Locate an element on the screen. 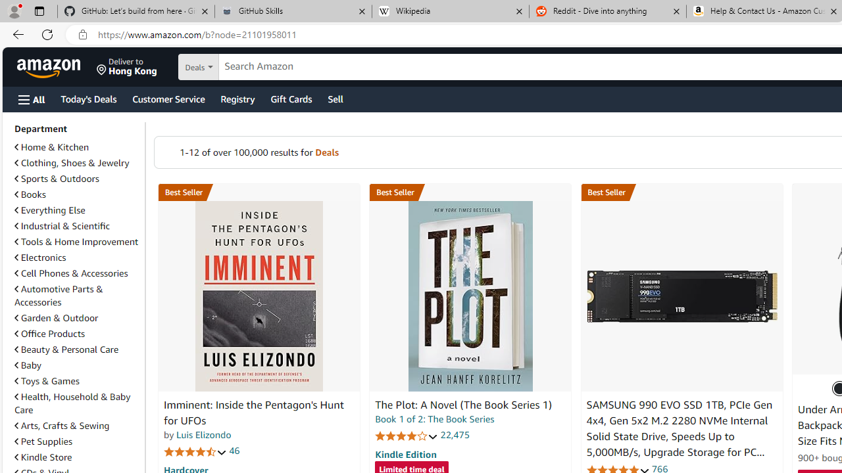 The image size is (842, 473). 'Electronics' is located at coordinates (76, 258).